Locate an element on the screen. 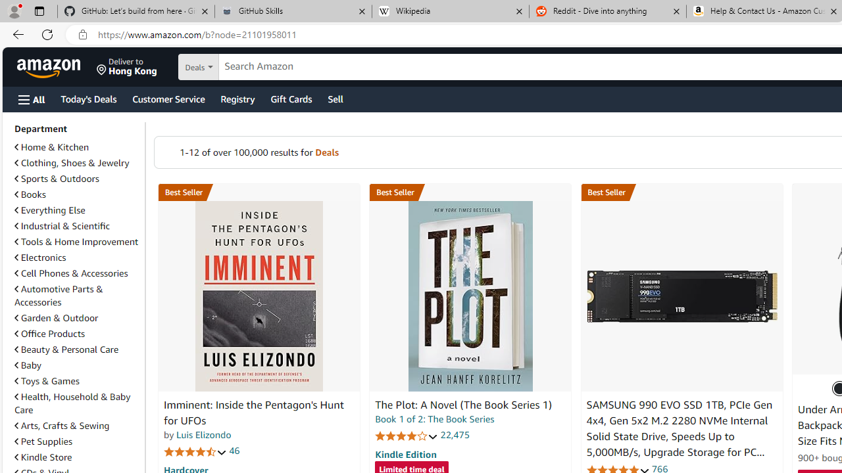 The image size is (842, 473). 'Electronics' is located at coordinates (76, 258).